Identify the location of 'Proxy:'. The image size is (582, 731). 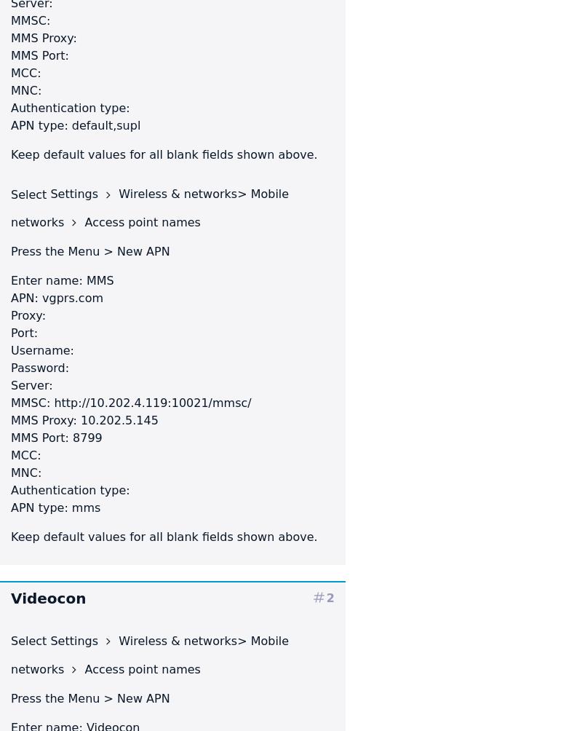
(28, 315).